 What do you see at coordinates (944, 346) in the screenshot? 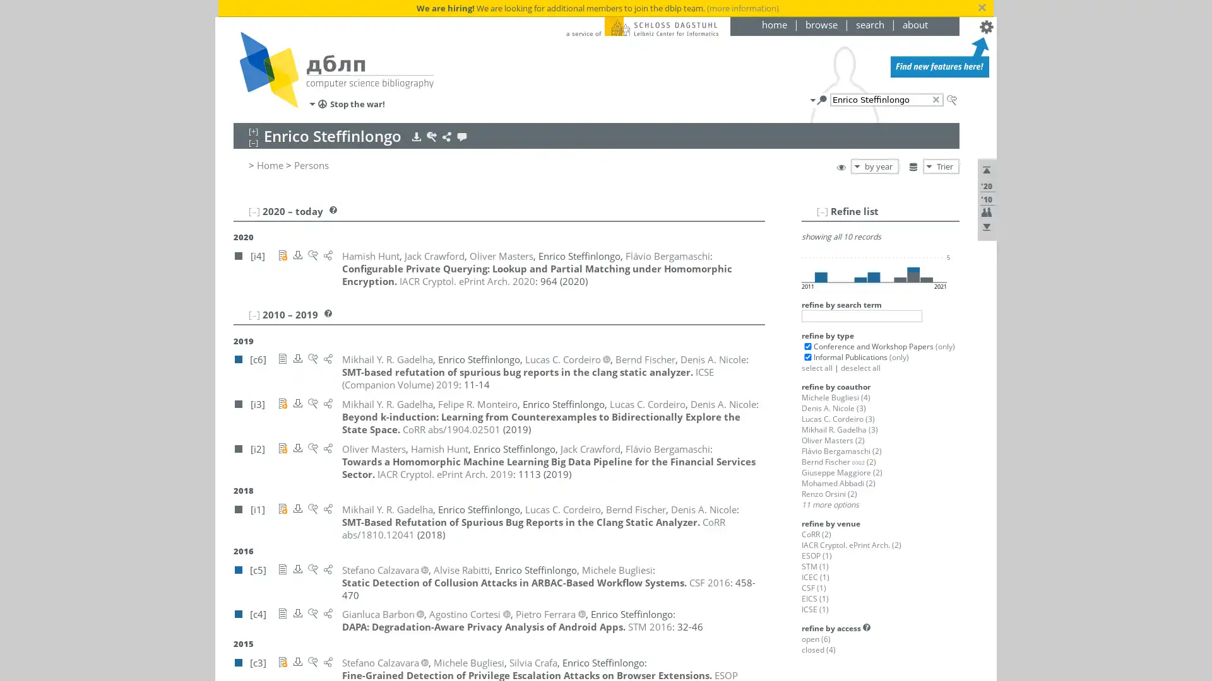
I see `(only)` at bounding box center [944, 346].